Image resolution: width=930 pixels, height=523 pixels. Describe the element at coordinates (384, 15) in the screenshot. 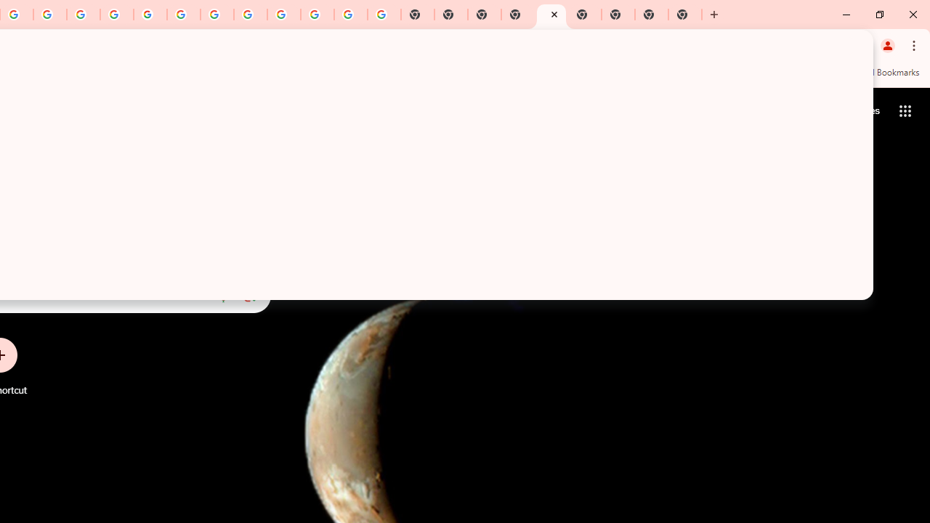

I see `'Google Images'` at that location.